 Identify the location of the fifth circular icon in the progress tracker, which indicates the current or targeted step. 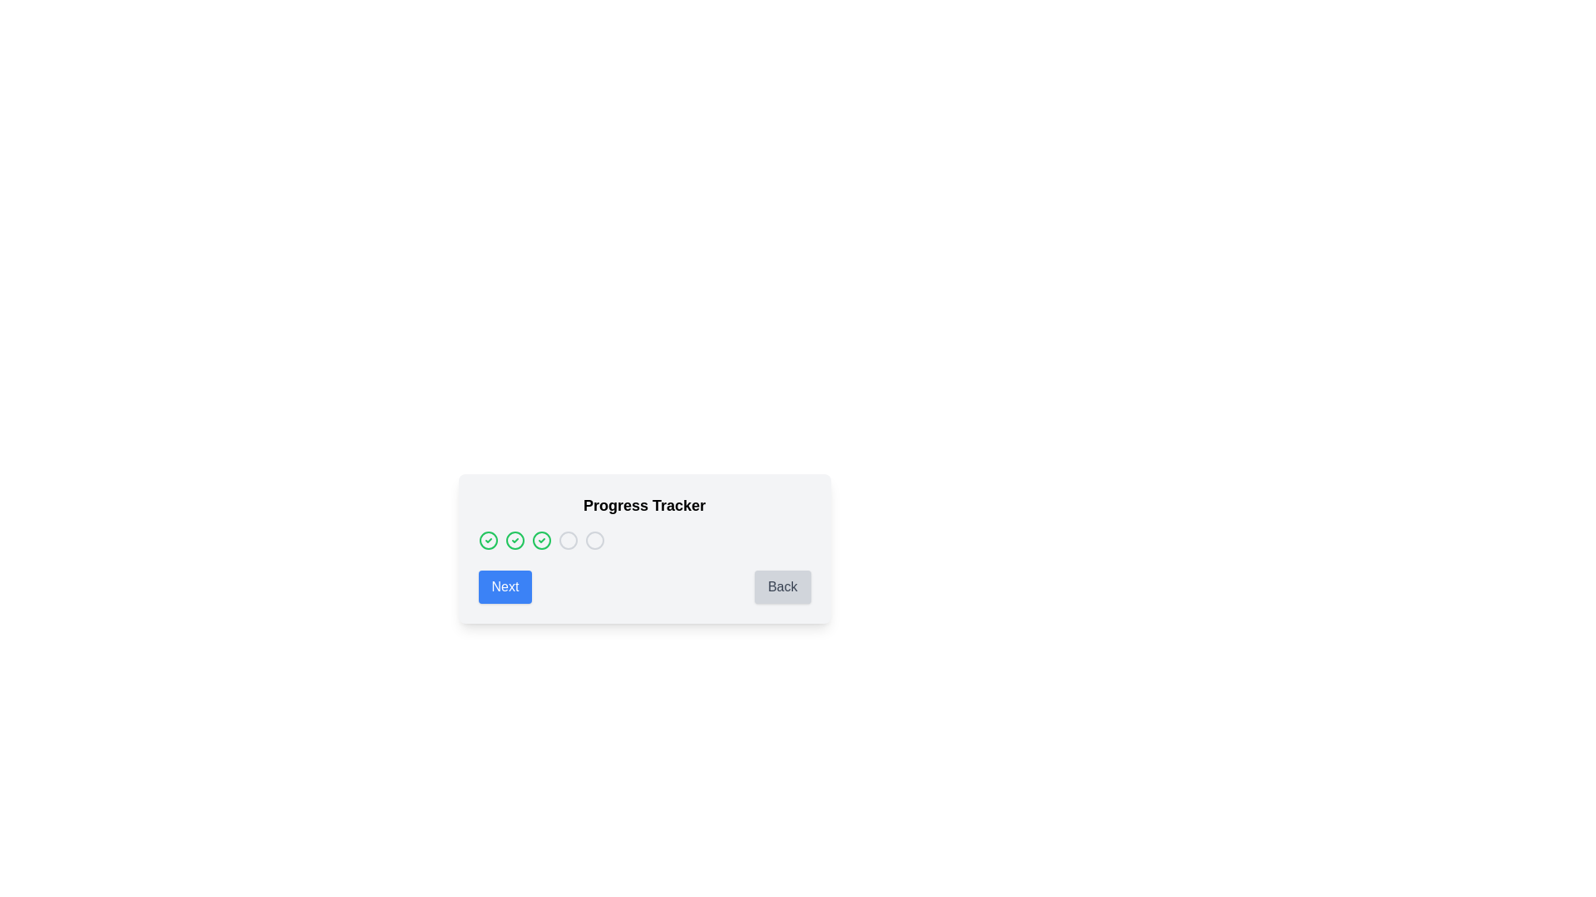
(594, 541).